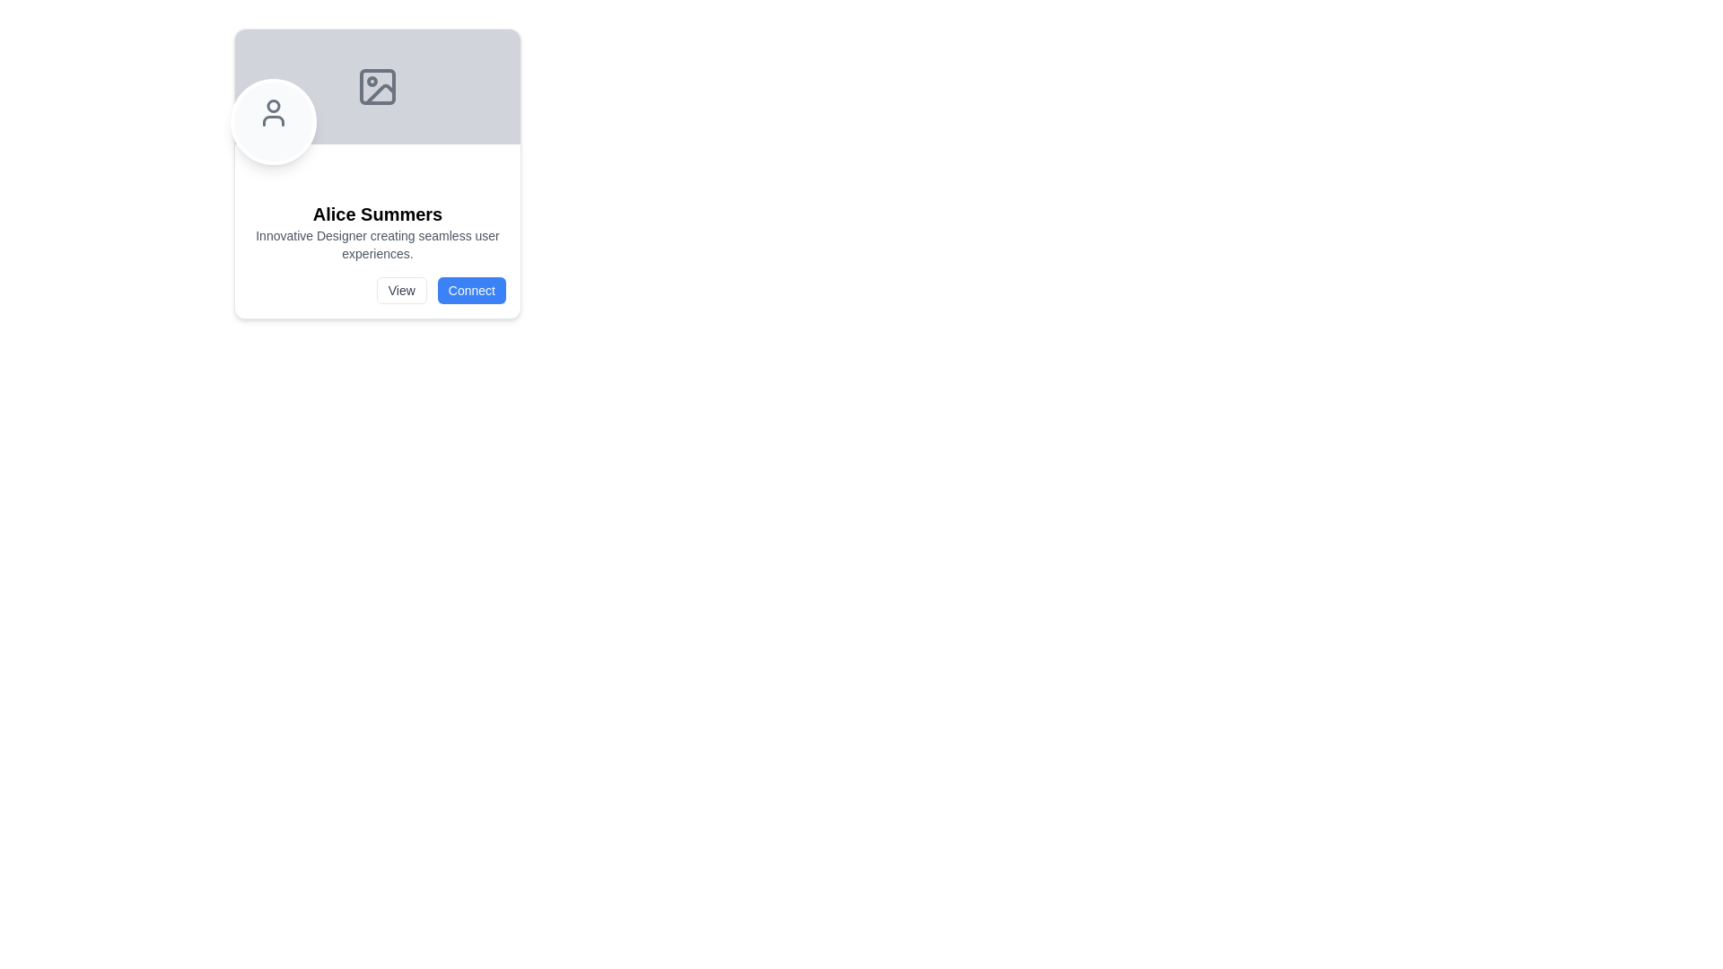 The width and height of the screenshot is (1723, 969). Describe the element at coordinates (273, 106) in the screenshot. I see `the circular shape that is part of the user profile icon within the card interface, which is centered horizontally above the user's name and description` at that location.